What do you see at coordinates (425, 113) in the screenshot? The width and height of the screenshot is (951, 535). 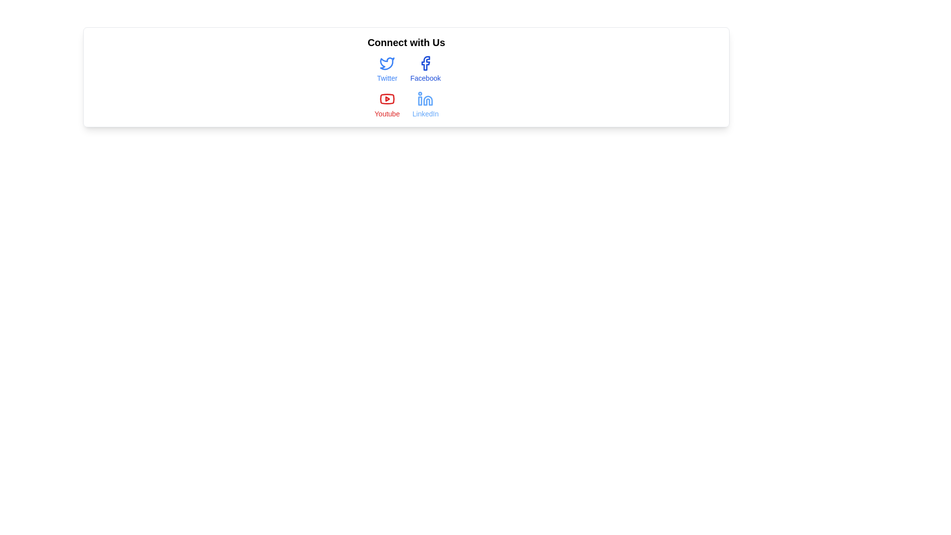 I see `text content of the label positioned below the LinkedIn icon within the social media links` at bounding box center [425, 113].